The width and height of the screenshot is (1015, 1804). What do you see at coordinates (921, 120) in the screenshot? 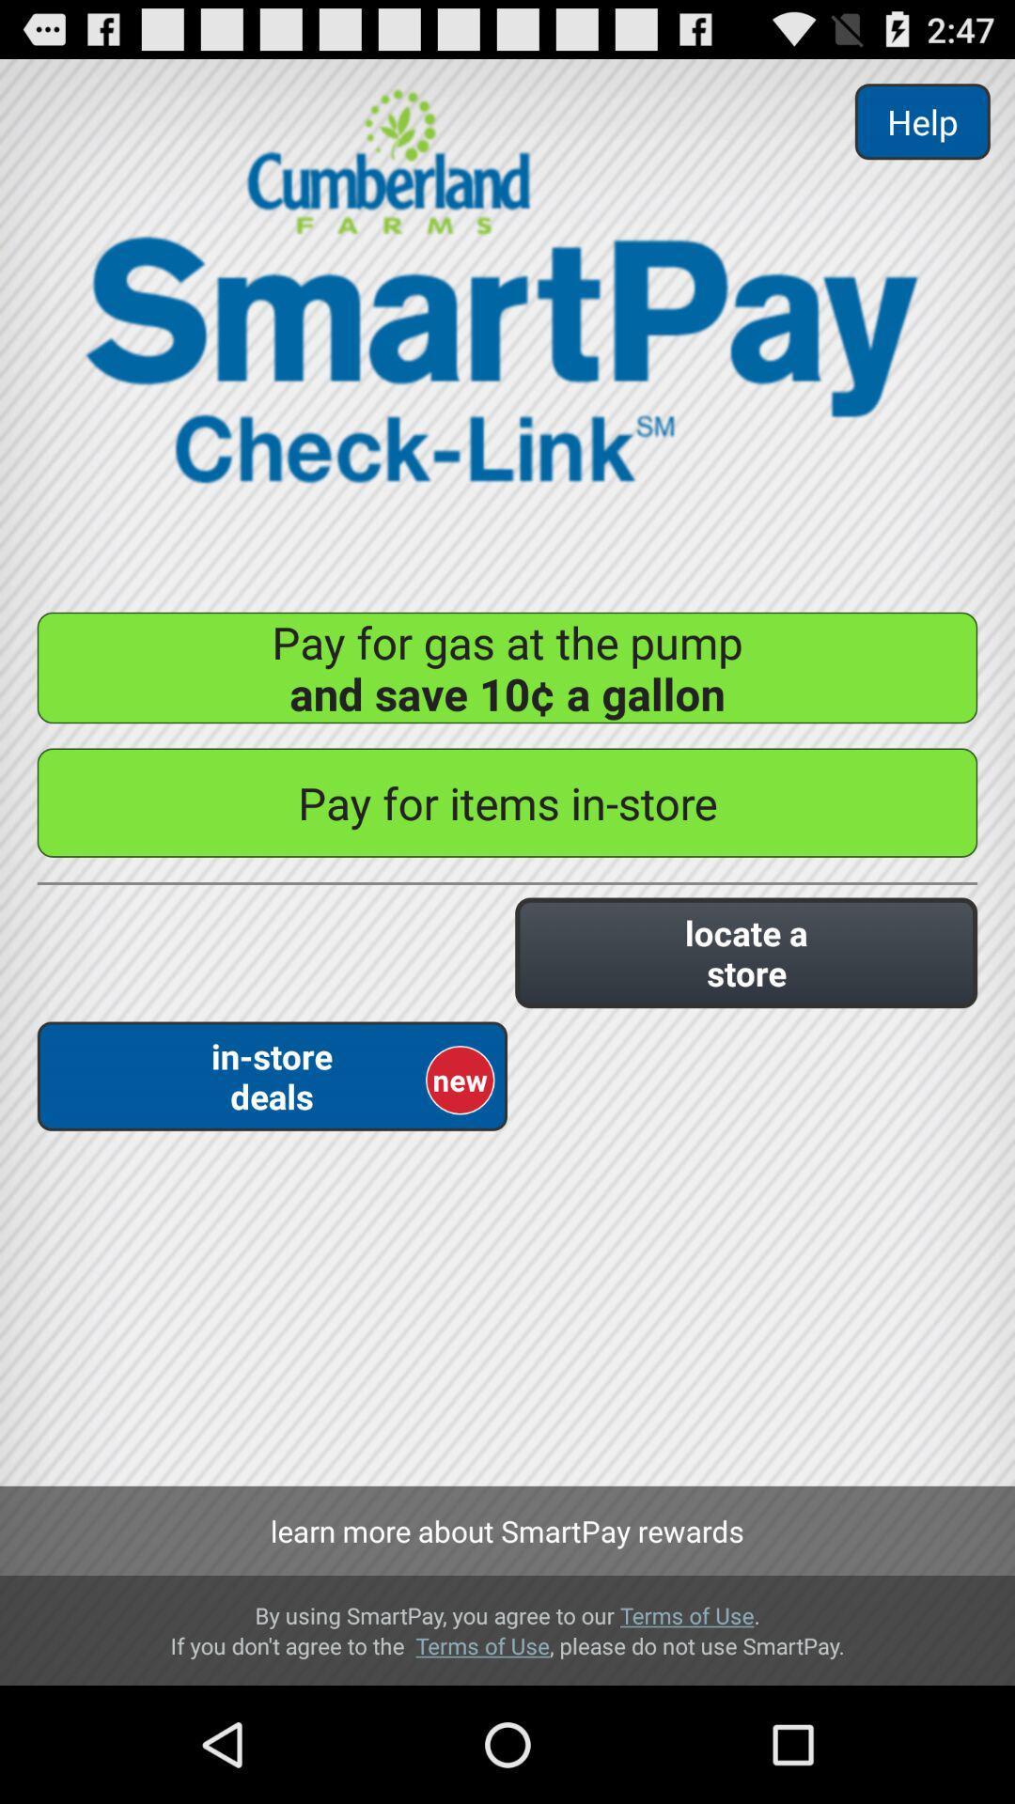
I see `item at the top right corner` at bounding box center [921, 120].